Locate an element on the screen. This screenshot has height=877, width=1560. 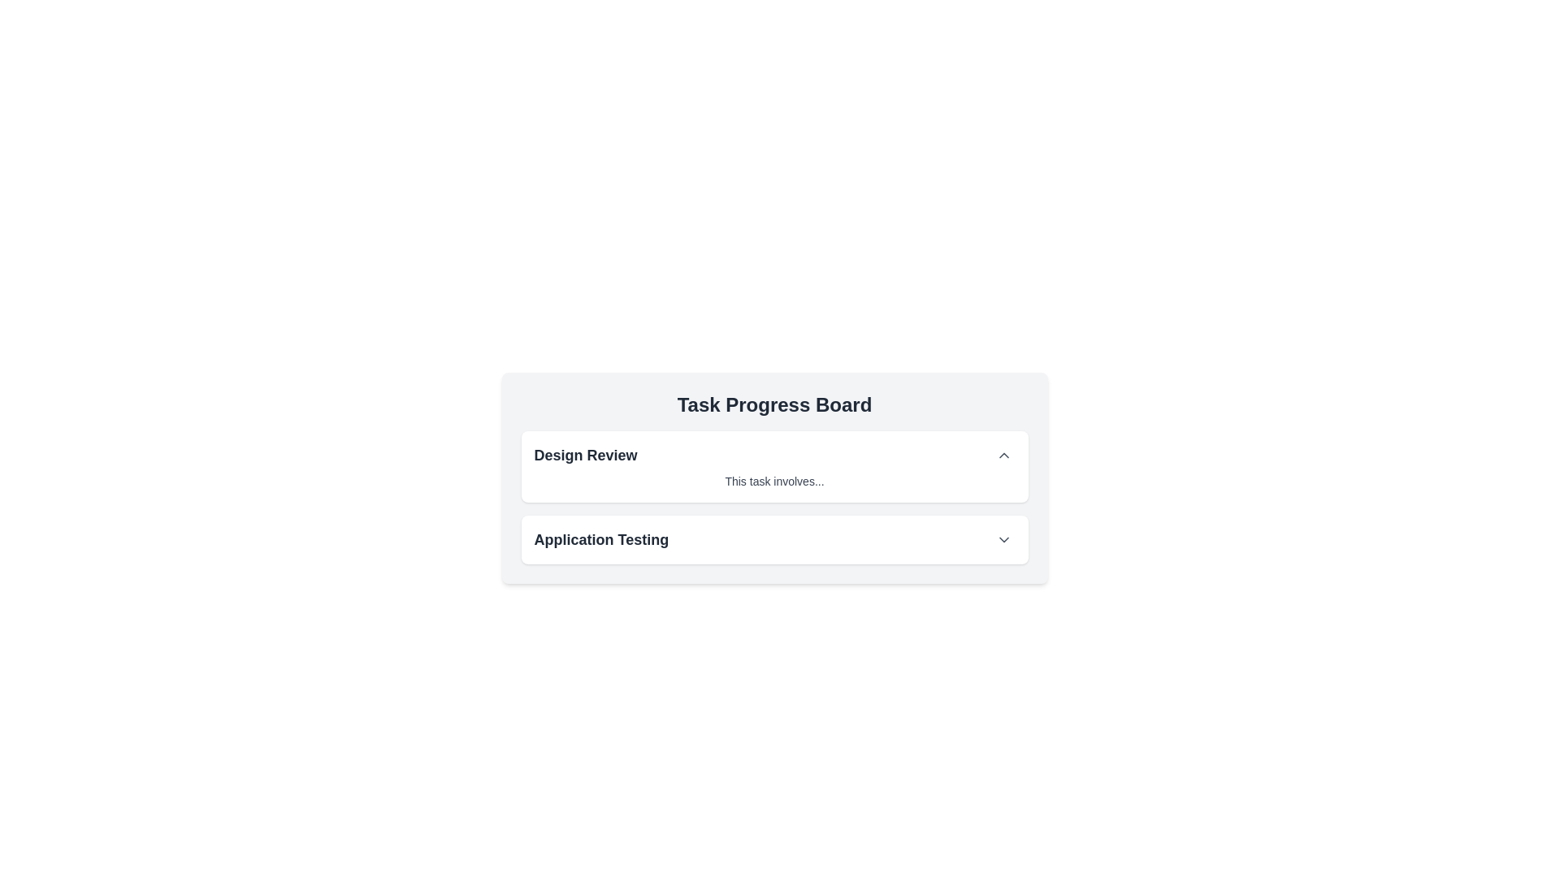
the Dropdown Selector Header located in the 'Task Progress Board' section is located at coordinates (773, 539).